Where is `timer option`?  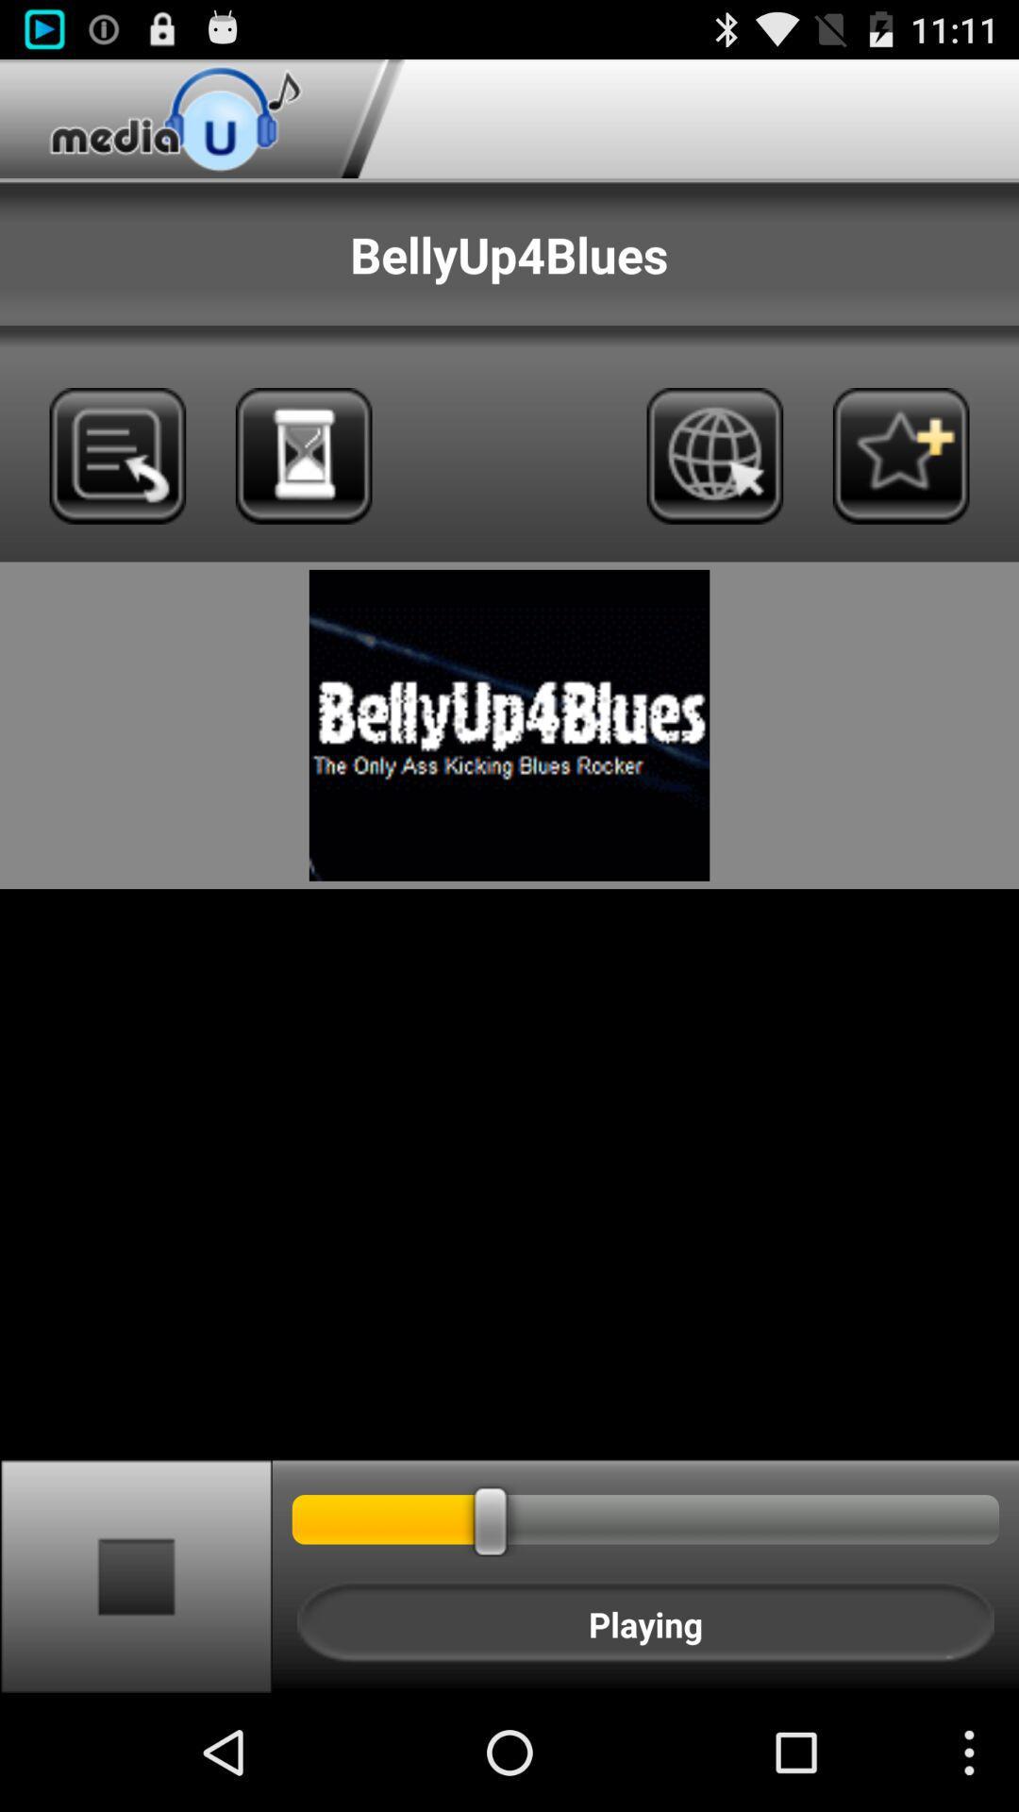
timer option is located at coordinates (303, 456).